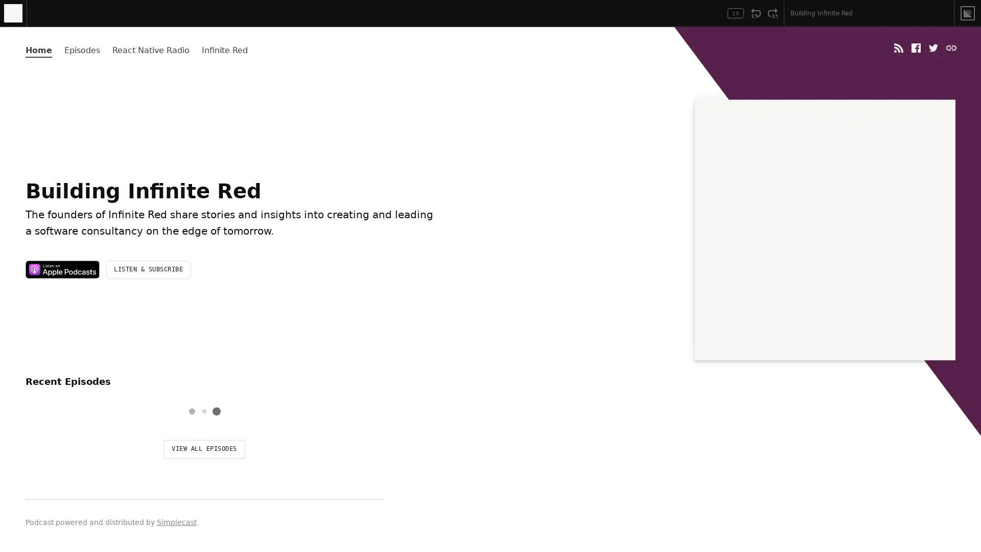 This screenshot has width=981, height=552. I want to click on Rewind 15 Seconds, so click(756, 13).